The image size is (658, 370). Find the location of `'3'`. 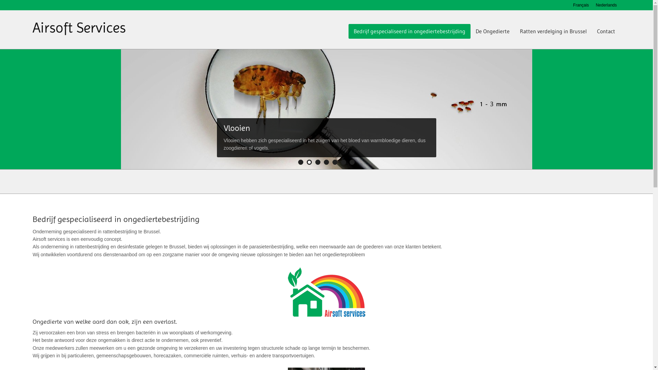

'3' is located at coordinates (317, 162).